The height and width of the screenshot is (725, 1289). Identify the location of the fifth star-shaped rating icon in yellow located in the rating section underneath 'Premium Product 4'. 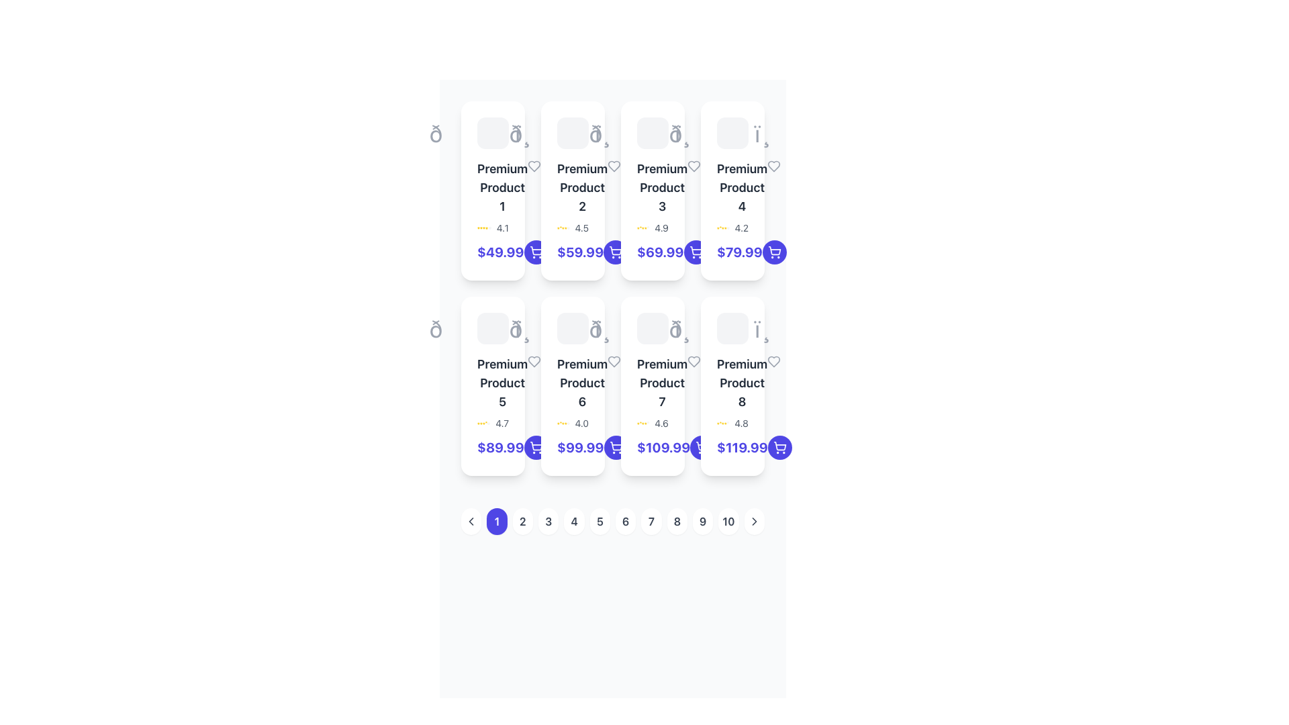
(724, 227).